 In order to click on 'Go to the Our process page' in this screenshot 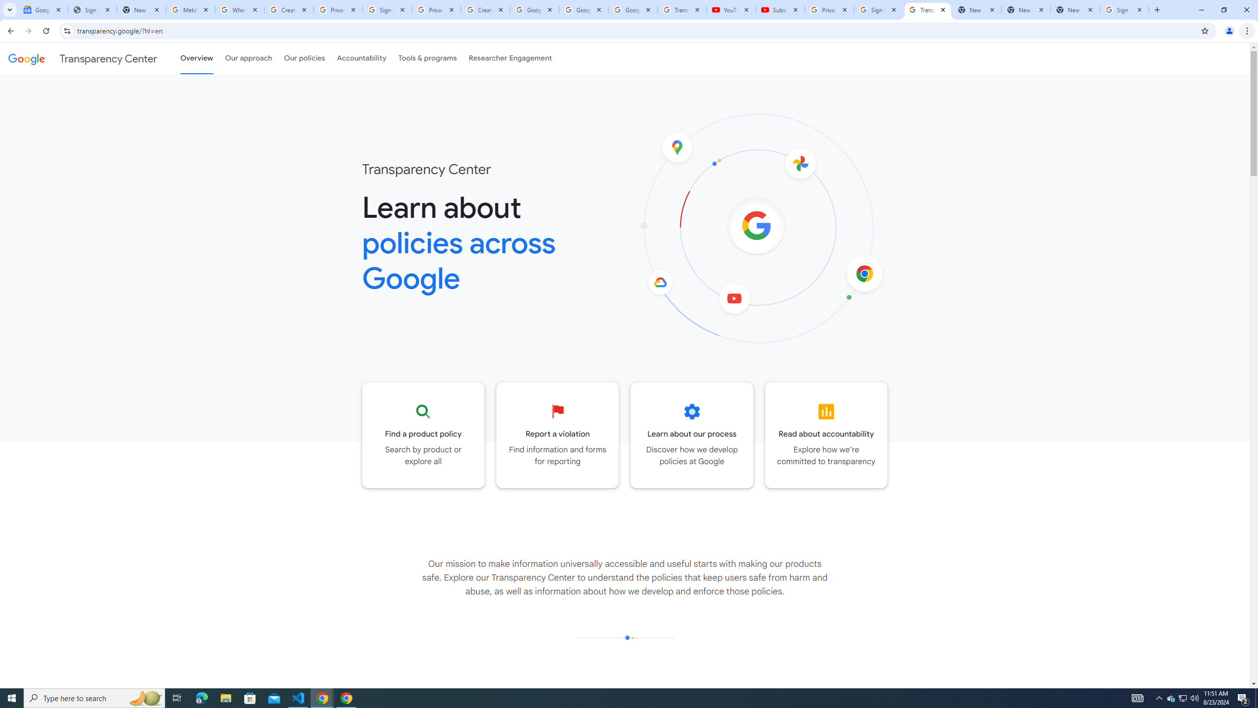, I will do `click(691, 435)`.